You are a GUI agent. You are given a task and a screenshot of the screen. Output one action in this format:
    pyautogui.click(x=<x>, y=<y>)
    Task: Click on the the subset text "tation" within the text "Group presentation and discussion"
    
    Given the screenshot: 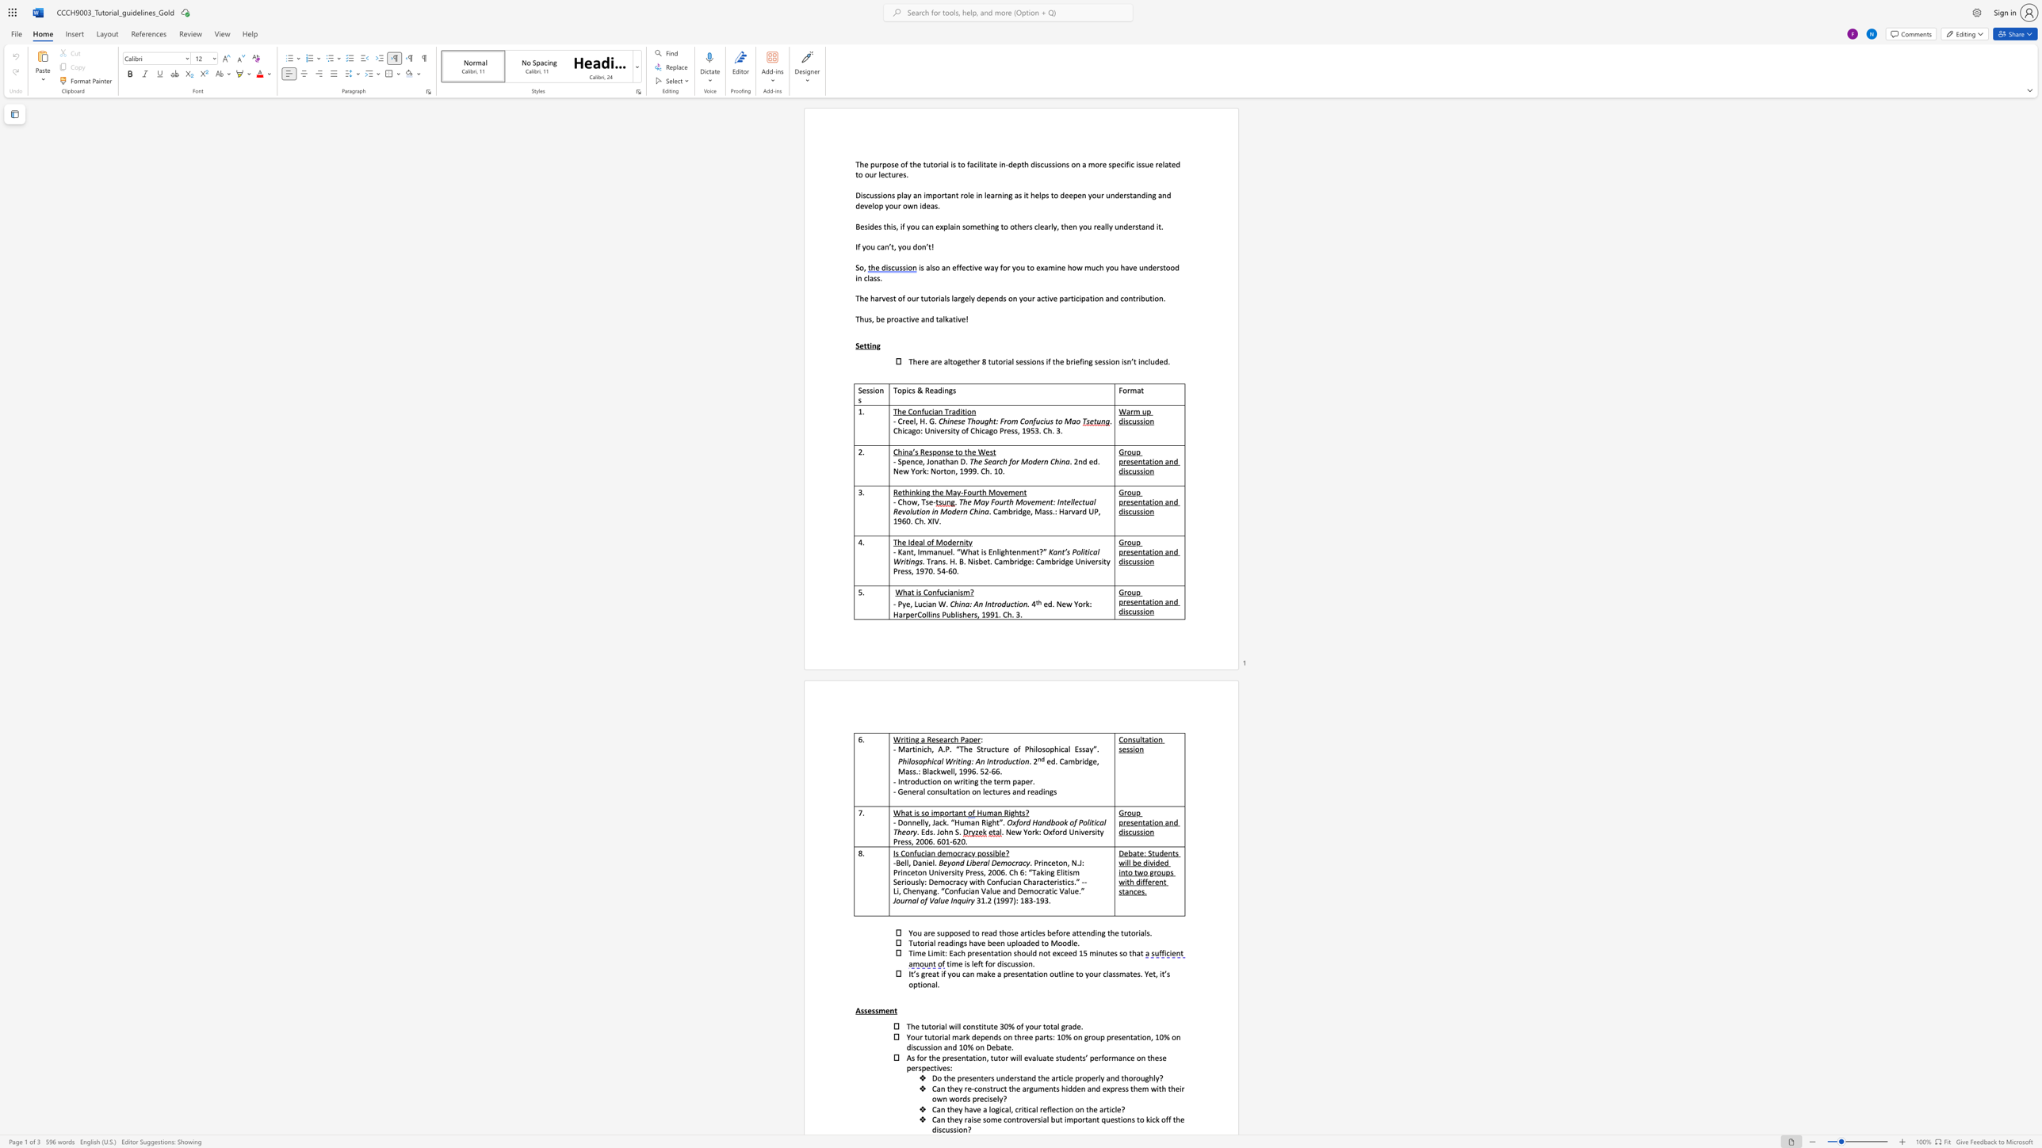 What is the action you would take?
    pyautogui.click(x=1141, y=551)
    